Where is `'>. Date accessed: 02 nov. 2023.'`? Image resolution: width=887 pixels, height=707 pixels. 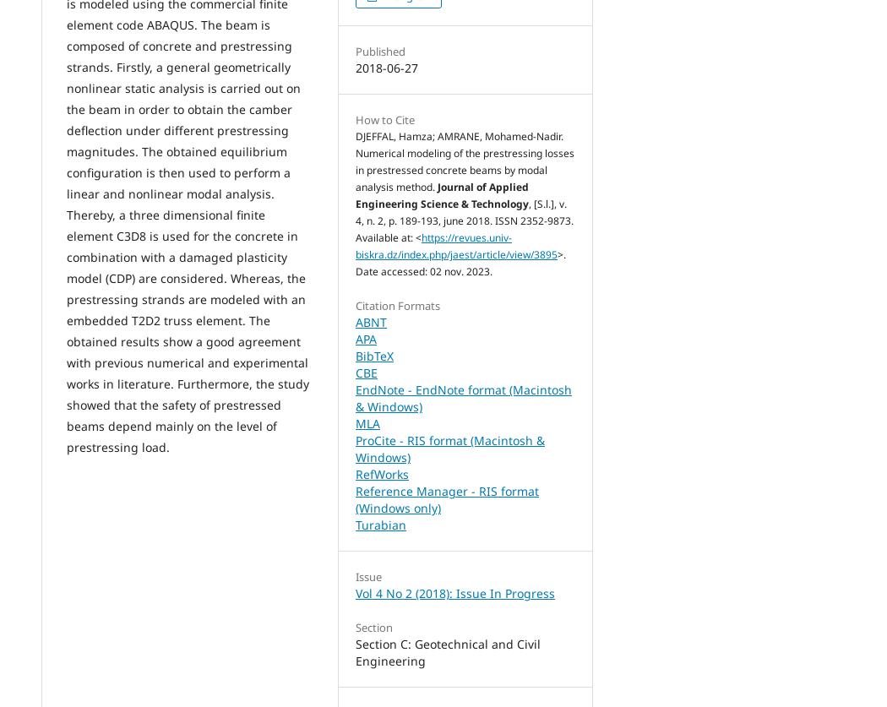
'>. Date accessed: 02 nov. 2023.' is located at coordinates (460, 263).